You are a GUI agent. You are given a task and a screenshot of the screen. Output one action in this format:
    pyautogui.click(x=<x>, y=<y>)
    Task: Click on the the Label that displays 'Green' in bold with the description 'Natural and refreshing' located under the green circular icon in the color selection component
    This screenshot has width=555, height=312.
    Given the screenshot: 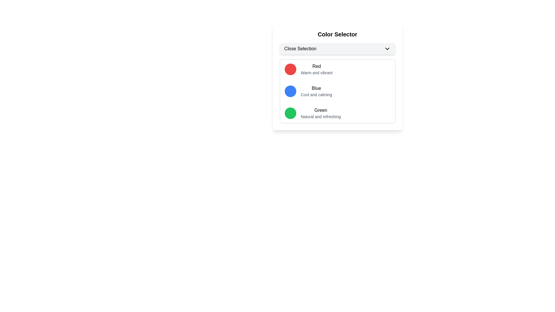 What is the action you would take?
    pyautogui.click(x=320, y=113)
    